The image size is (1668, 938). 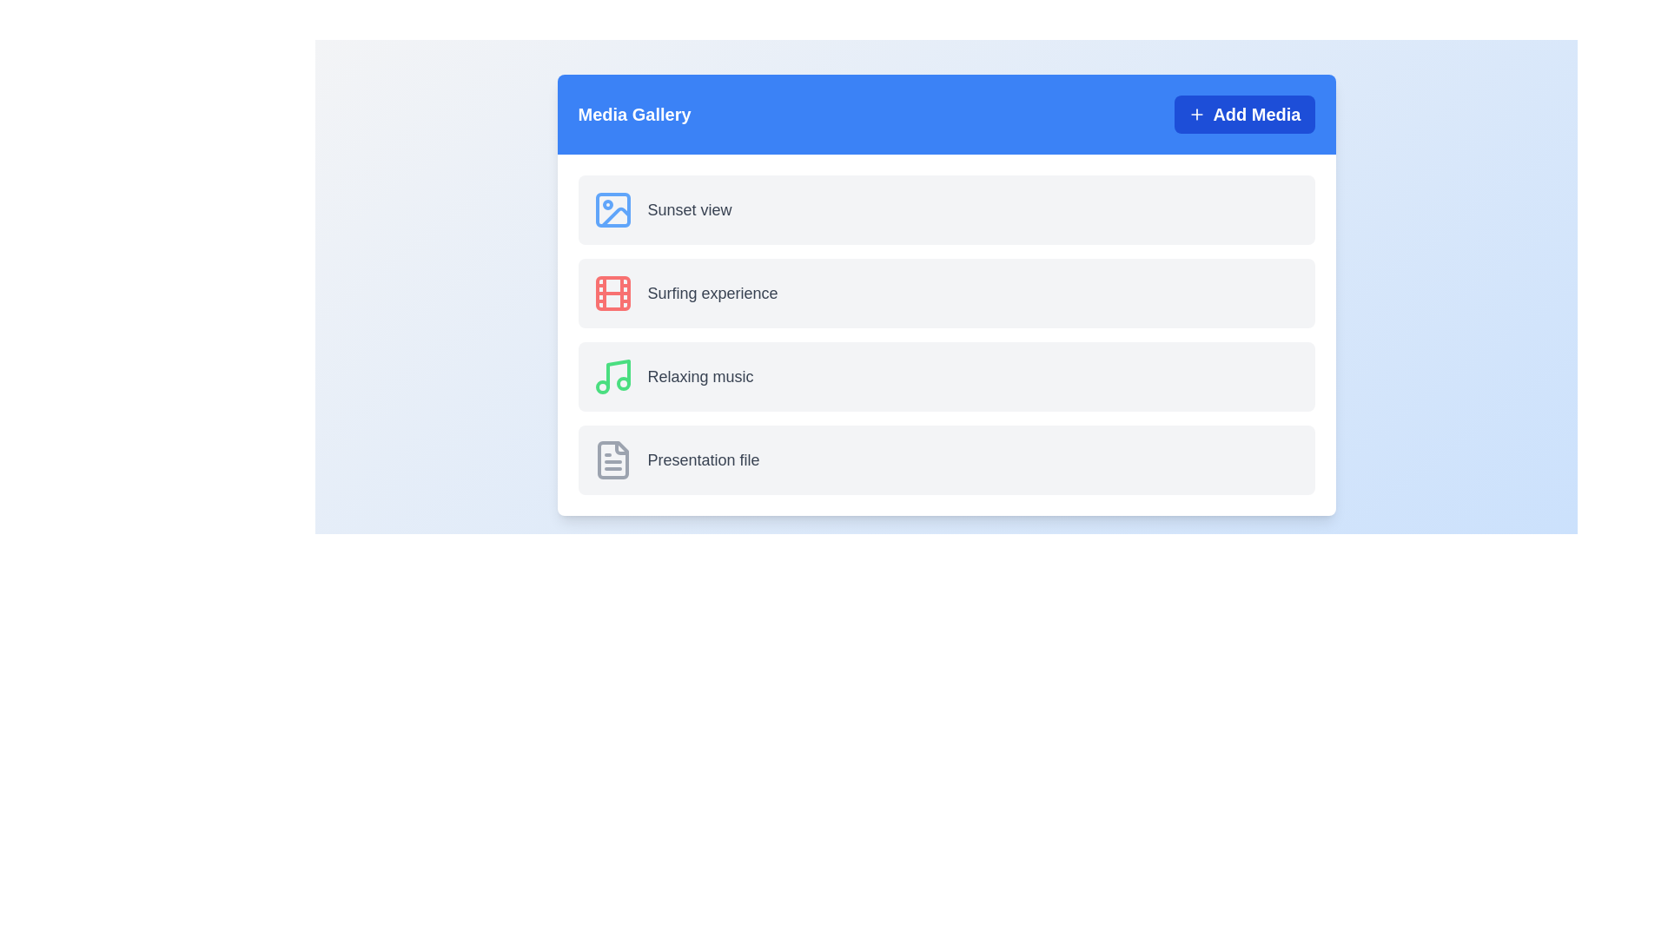 I want to click on the list item labeled 'Surfing experience', so click(x=945, y=293).